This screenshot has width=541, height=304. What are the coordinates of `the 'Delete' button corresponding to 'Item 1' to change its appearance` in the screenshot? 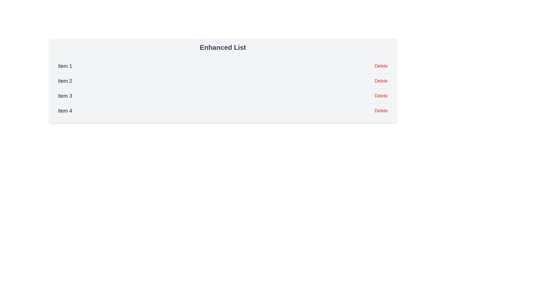 It's located at (381, 66).